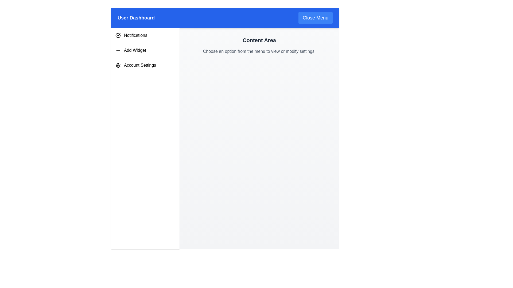 Image resolution: width=513 pixels, height=288 pixels. What do you see at coordinates (140, 65) in the screenshot?
I see `the 'Account Settings' text label` at bounding box center [140, 65].